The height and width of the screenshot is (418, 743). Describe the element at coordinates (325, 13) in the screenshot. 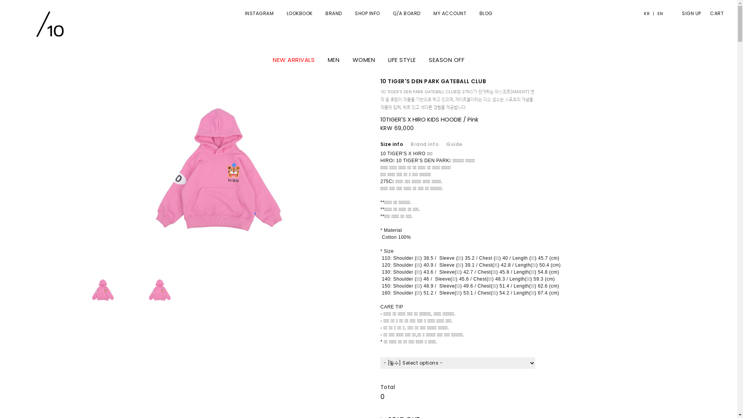

I see `'BRAND'` at that location.